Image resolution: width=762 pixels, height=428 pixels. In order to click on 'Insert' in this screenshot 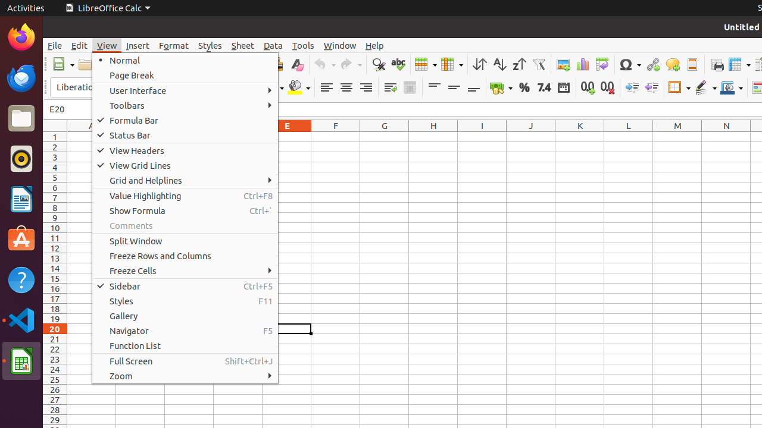, I will do `click(138, 45)`.